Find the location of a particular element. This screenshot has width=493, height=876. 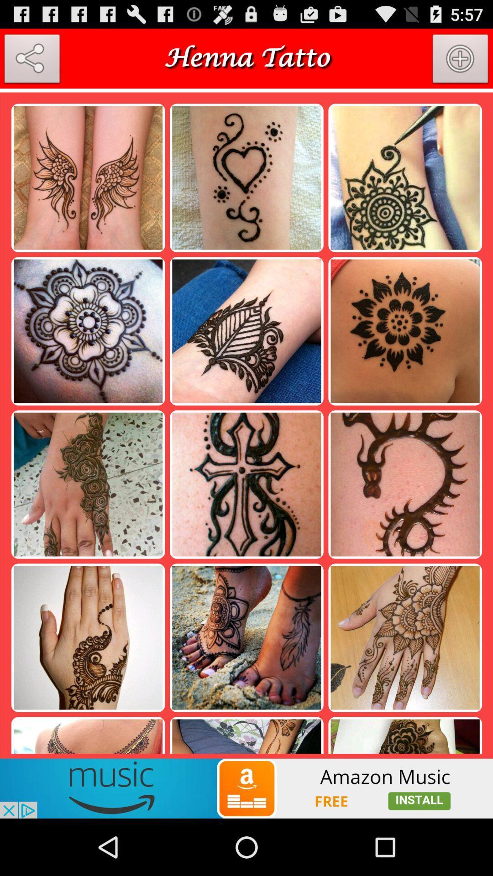

split bar is located at coordinates (246, 90).